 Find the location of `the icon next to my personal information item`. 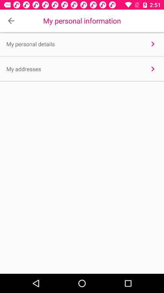

the icon next to my personal information item is located at coordinates (11, 21).